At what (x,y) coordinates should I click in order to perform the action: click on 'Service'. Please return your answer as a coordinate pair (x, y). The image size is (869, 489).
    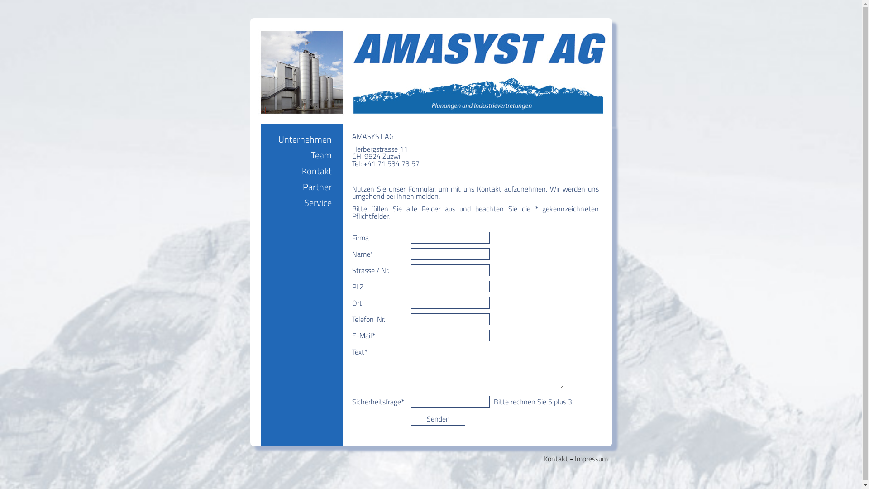
    Looking at the image, I should click on (318, 202).